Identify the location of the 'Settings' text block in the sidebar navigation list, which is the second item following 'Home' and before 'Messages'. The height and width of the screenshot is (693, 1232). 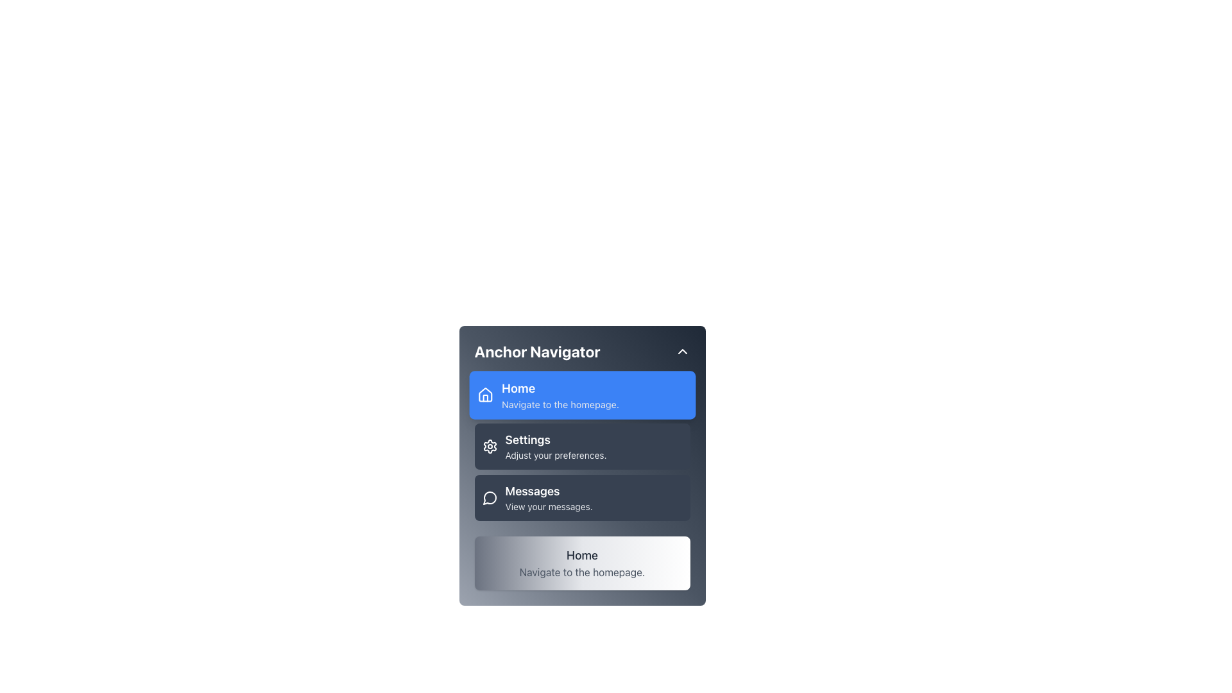
(556, 445).